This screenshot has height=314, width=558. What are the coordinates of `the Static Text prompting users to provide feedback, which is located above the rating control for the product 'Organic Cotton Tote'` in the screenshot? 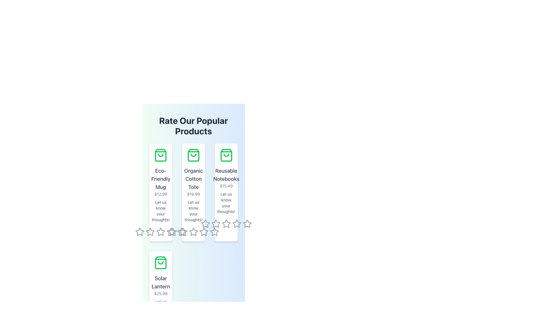 It's located at (194, 211).